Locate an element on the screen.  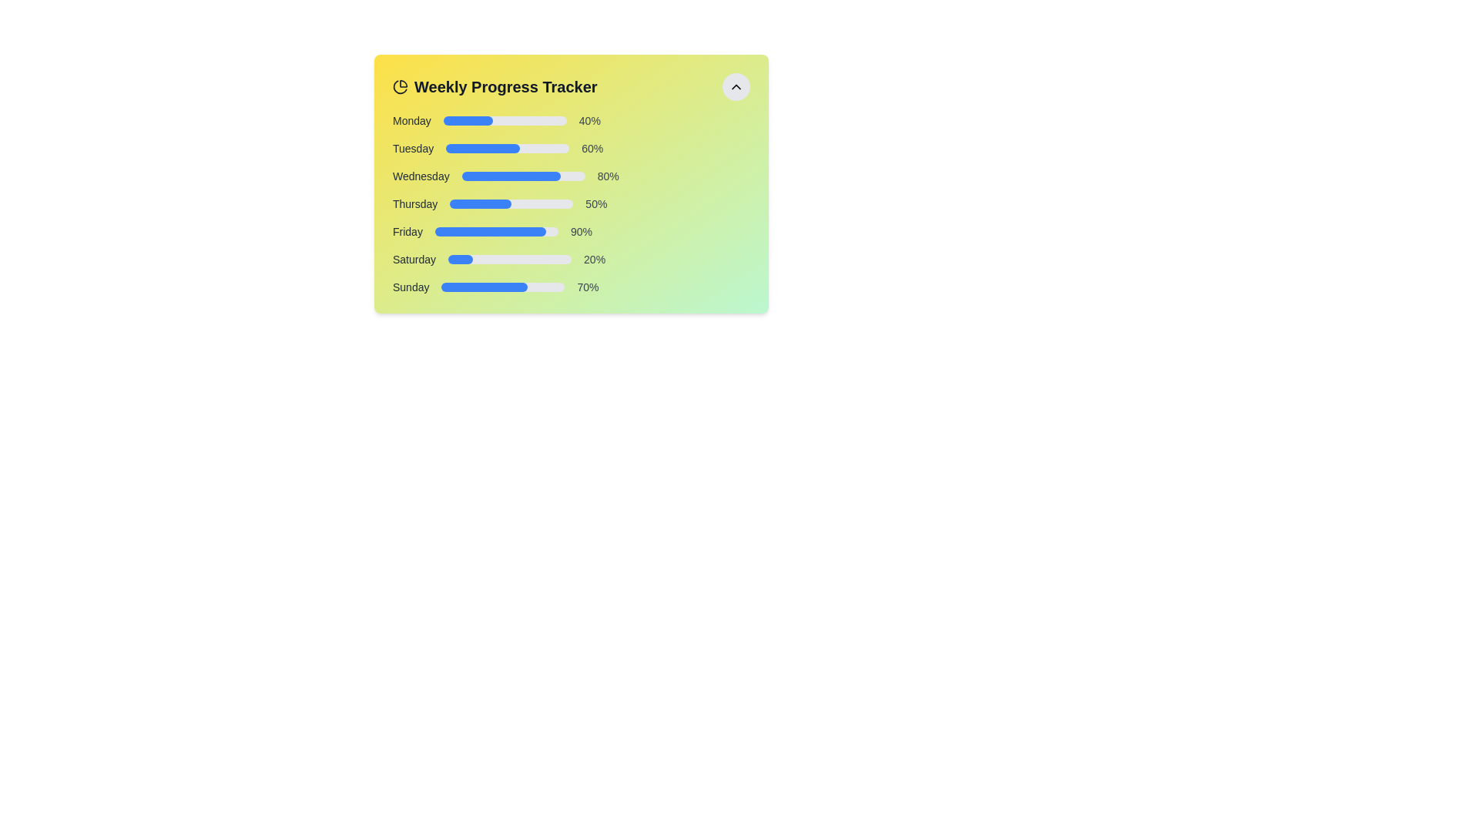
the text label displaying 'Sunday' in the Weekly Progress Tracker panel, which is styled in dark gray against a light yellow-green gradient background is located at coordinates (411, 287).